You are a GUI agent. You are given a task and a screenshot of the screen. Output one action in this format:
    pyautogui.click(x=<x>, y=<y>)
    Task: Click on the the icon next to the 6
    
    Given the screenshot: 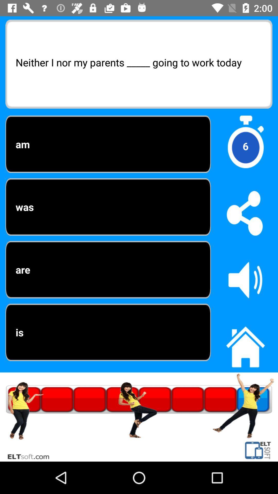 What is the action you would take?
    pyautogui.click(x=108, y=207)
    